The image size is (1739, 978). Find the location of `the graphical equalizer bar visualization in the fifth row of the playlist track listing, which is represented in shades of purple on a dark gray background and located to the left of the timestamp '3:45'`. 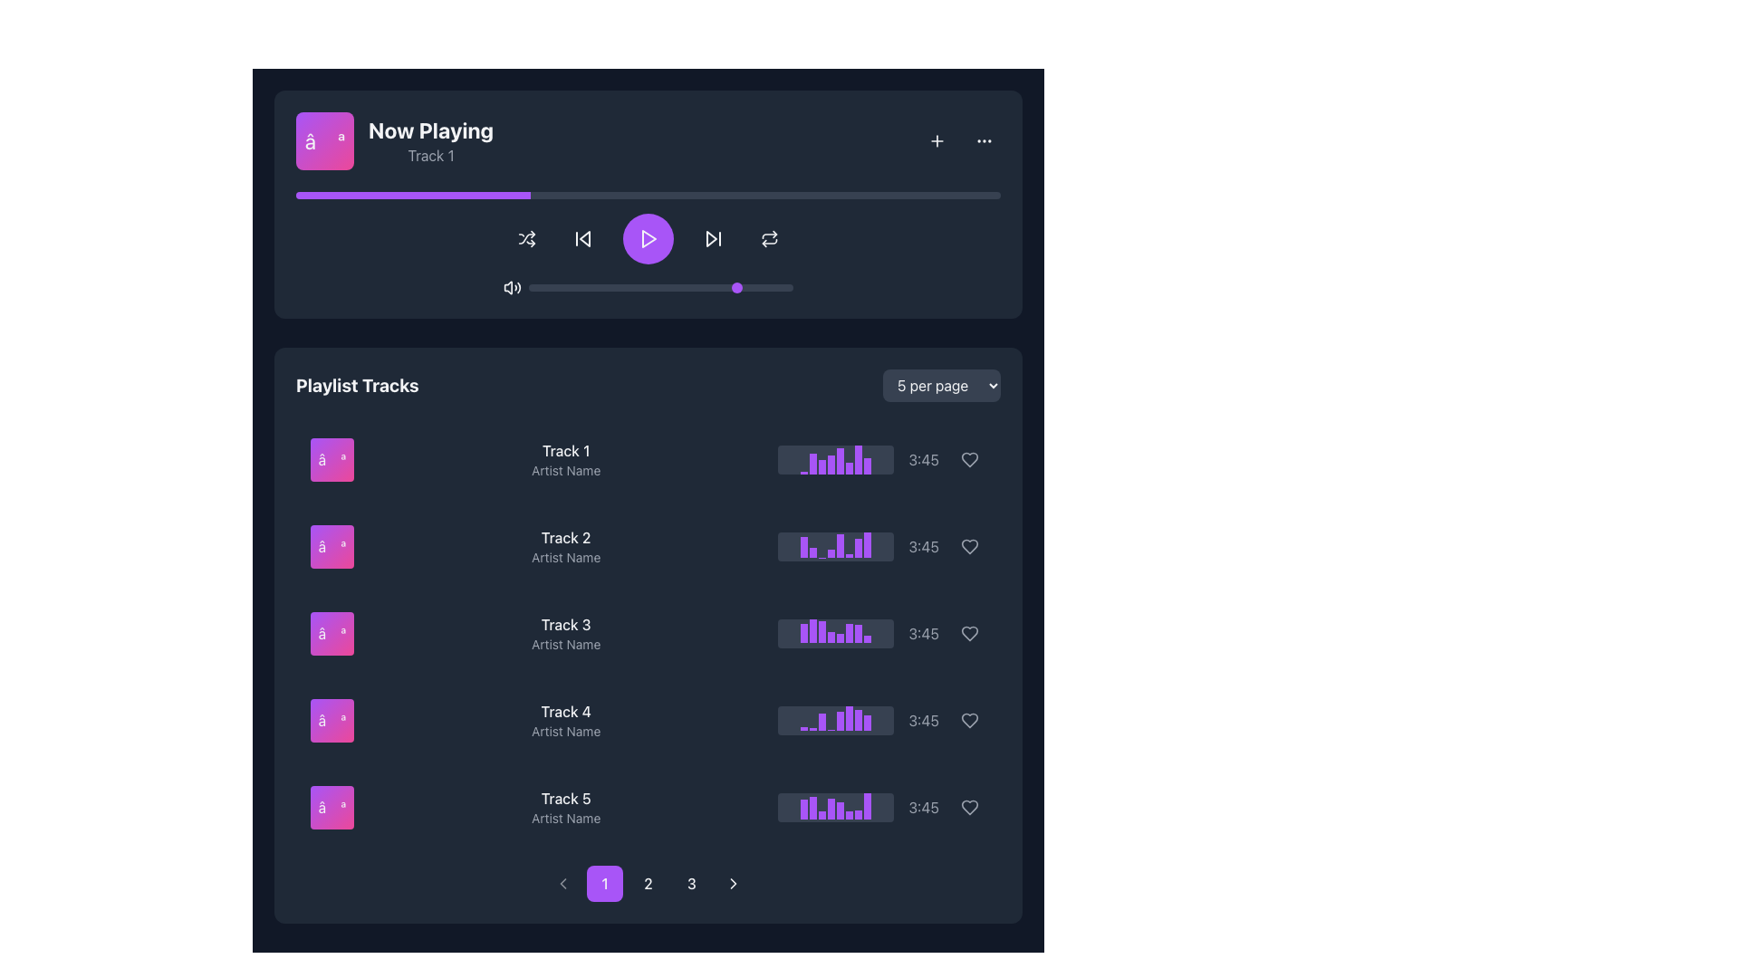

the graphical equalizer bar visualization in the fifth row of the playlist track listing, which is represented in shades of purple on a dark gray background and located to the left of the timestamp '3:45' is located at coordinates (882, 806).